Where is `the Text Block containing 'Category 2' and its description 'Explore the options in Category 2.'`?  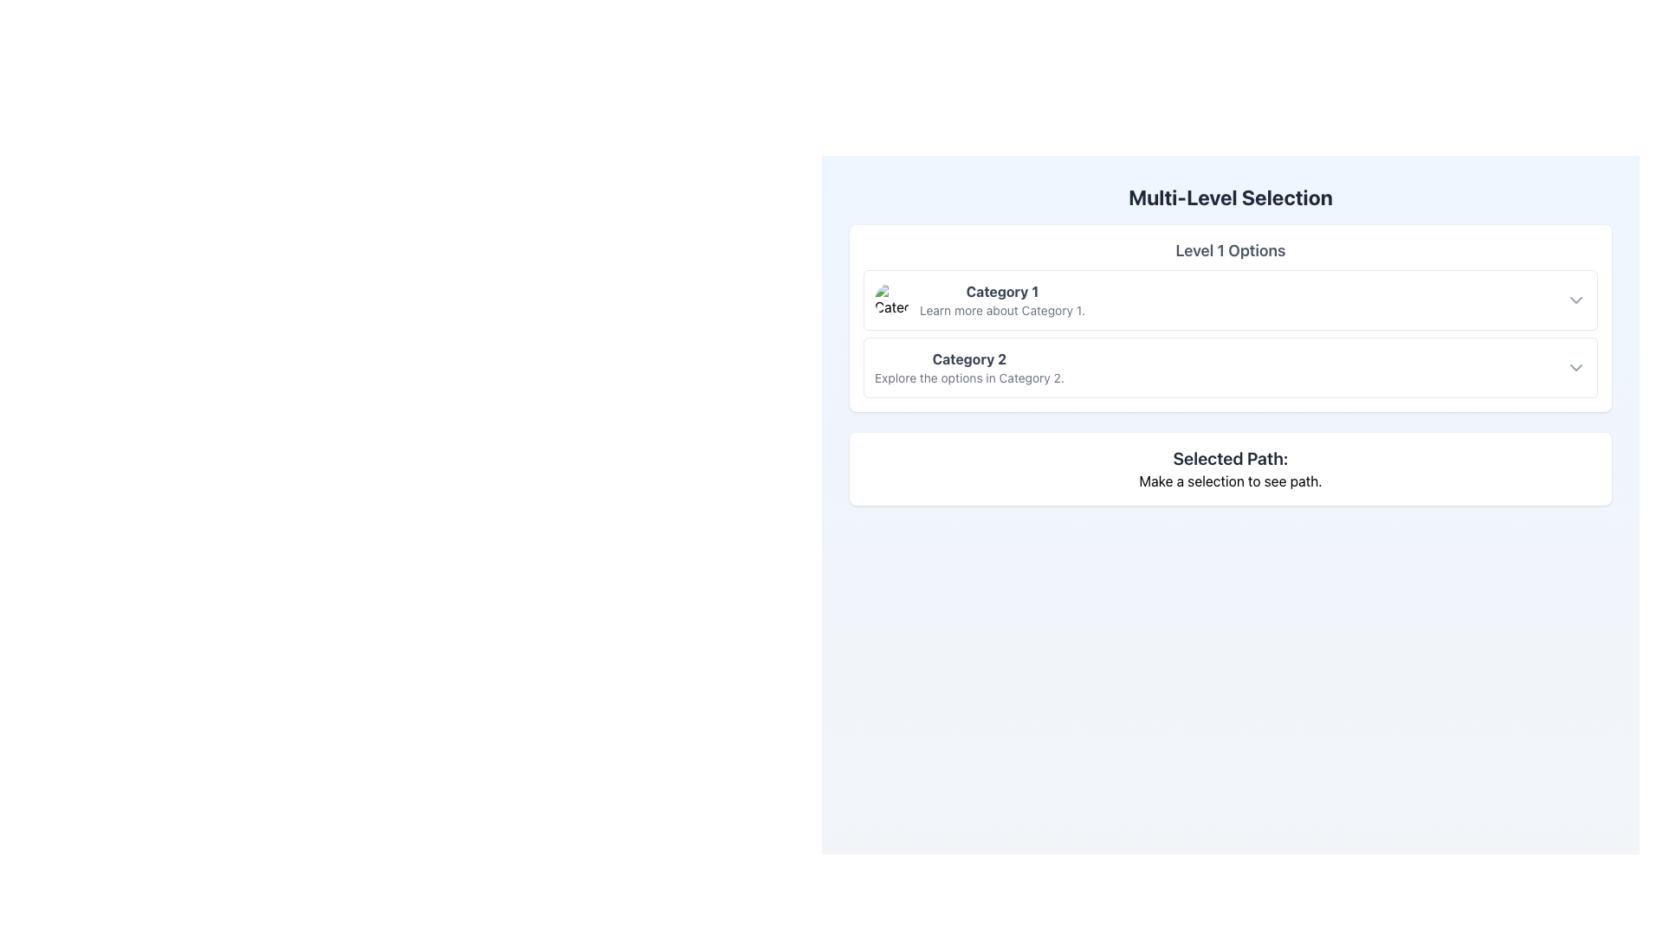 the Text Block containing 'Category 2' and its description 'Explore the options in Category 2.' is located at coordinates (968, 366).